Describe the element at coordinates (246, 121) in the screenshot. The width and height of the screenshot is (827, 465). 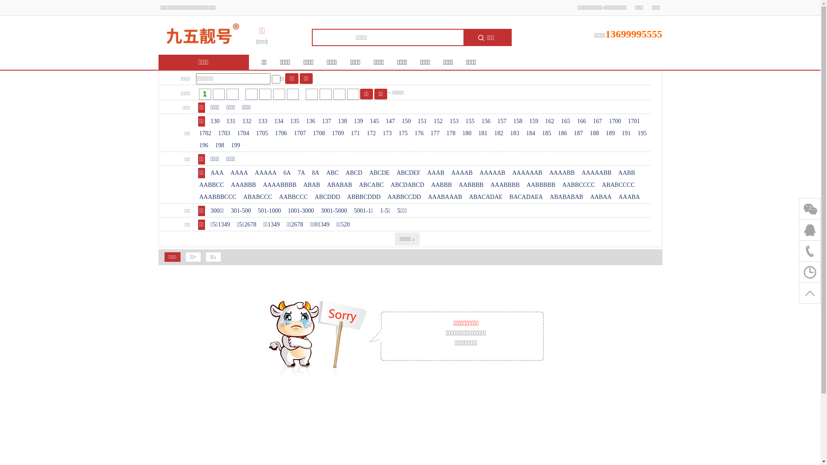
I see `'132'` at that location.